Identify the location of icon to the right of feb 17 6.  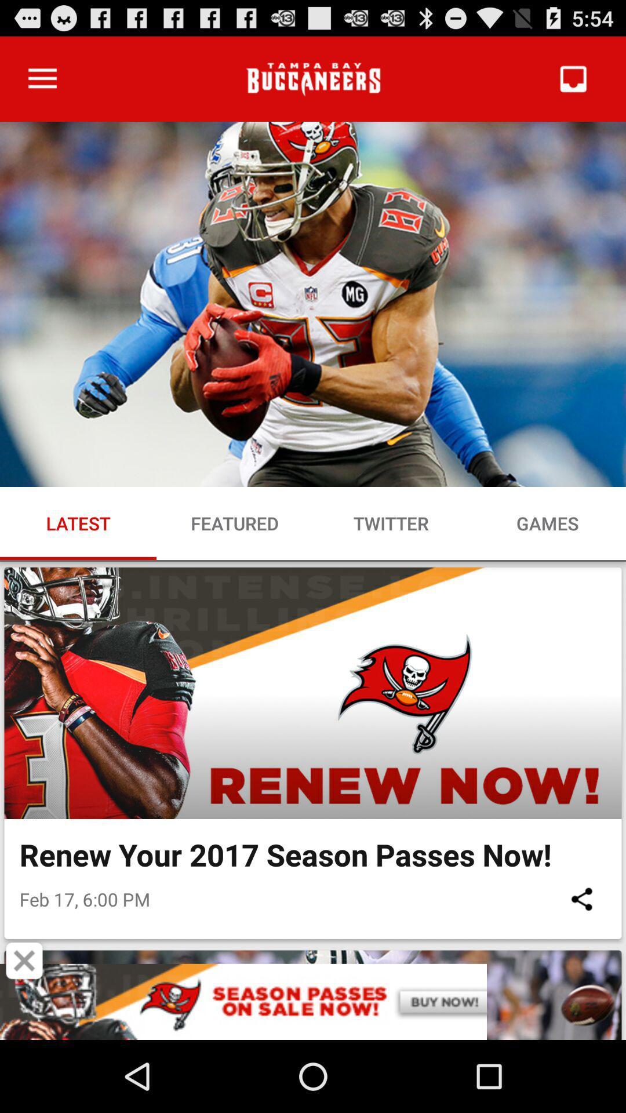
(581, 899).